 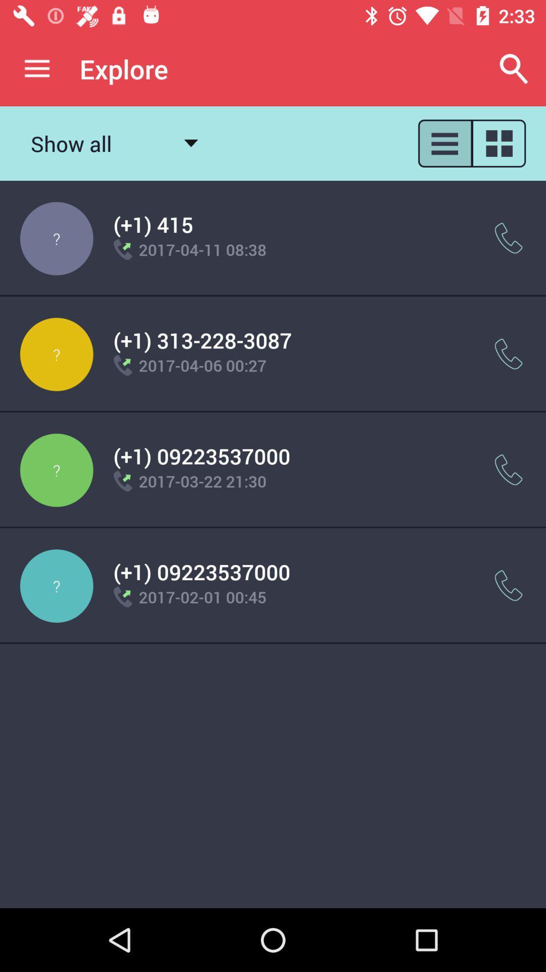 I want to click on call, so click(x=509, y=354).